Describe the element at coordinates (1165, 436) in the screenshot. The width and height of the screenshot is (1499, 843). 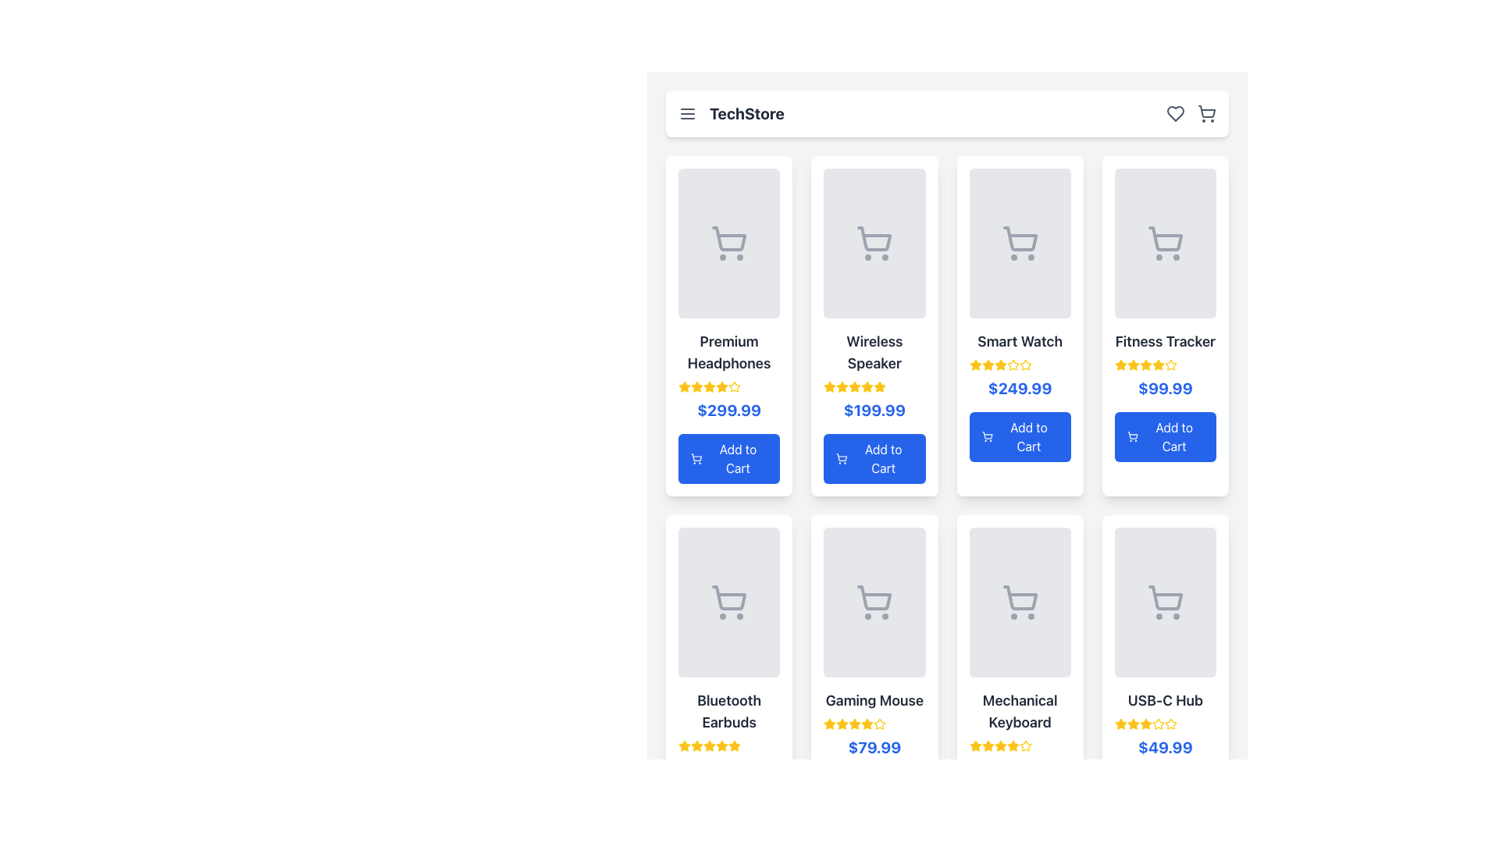
I see `the 'Add to Cart' button located at the bottom of the 'Fitness Tracker' product card` at that location.